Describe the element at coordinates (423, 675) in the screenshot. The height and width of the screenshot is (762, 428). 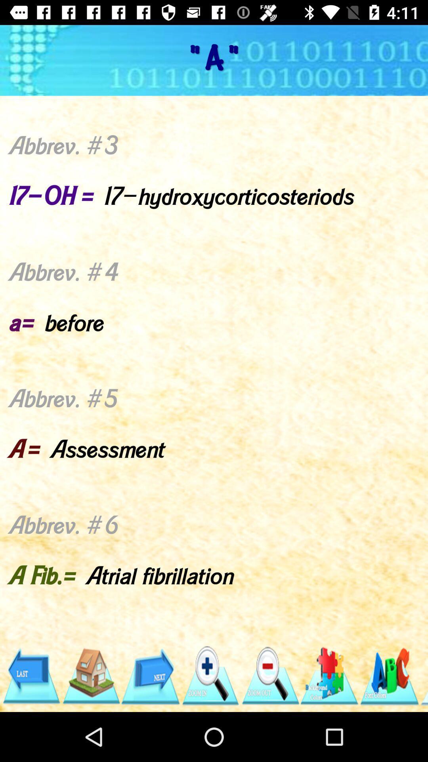
I see `the item below abbrev 	1	 	 app` at that location.